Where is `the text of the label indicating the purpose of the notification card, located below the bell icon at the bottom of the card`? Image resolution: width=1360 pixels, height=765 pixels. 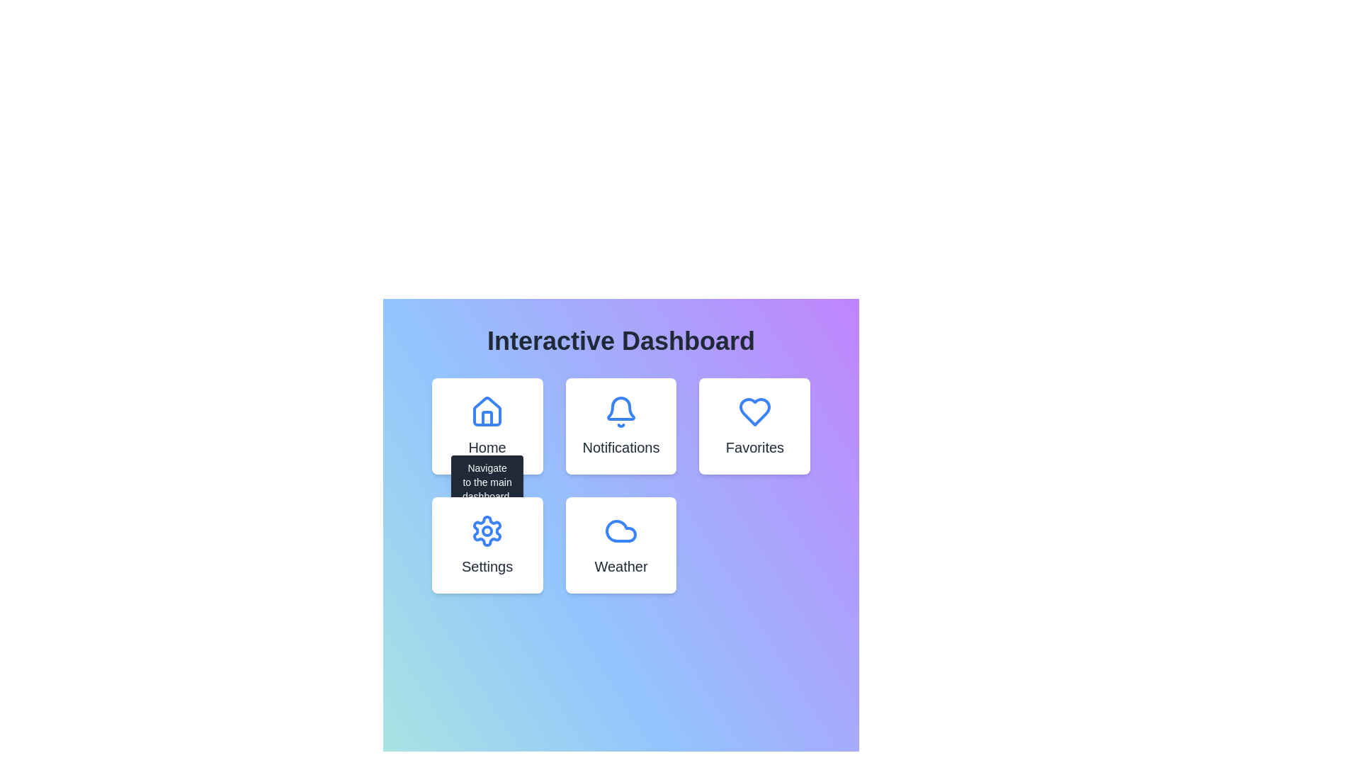
the text of the label indicating the purpose of the notification card, located below the bell icon at the bottom of the card is located at coordinates (621, 448).